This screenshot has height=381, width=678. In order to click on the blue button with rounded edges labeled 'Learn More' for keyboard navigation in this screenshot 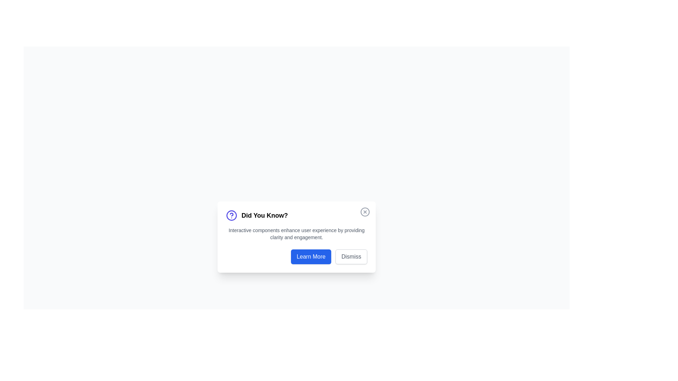, I will do `click(311, 257)`.